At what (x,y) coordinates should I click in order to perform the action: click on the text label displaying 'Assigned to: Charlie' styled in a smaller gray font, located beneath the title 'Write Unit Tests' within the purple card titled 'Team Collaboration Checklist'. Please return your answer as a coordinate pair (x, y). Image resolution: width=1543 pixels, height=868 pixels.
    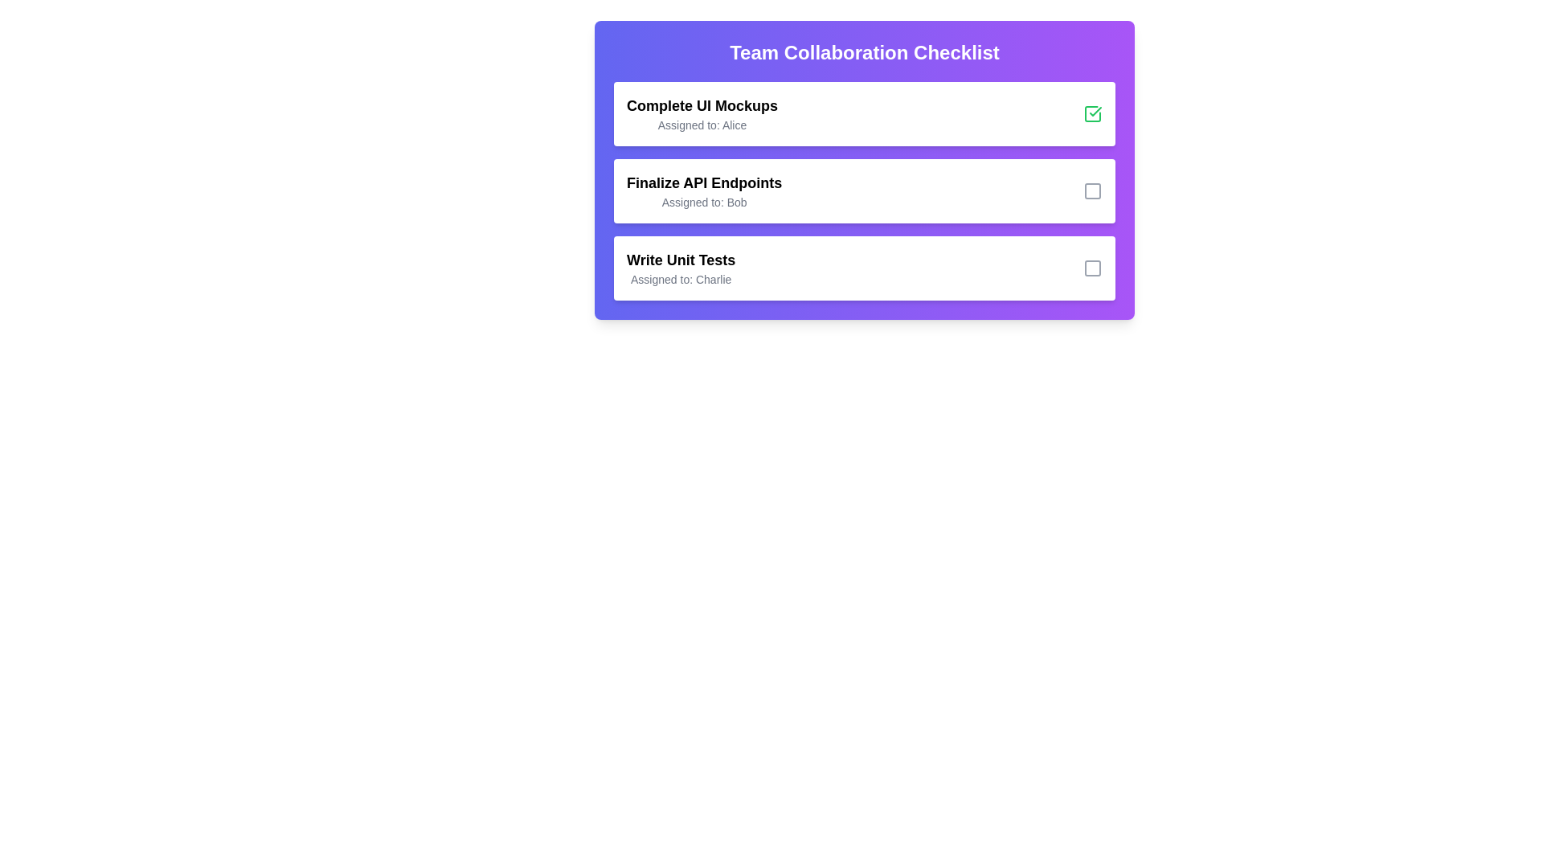
    Looking at the image, I should click on (681, 278).